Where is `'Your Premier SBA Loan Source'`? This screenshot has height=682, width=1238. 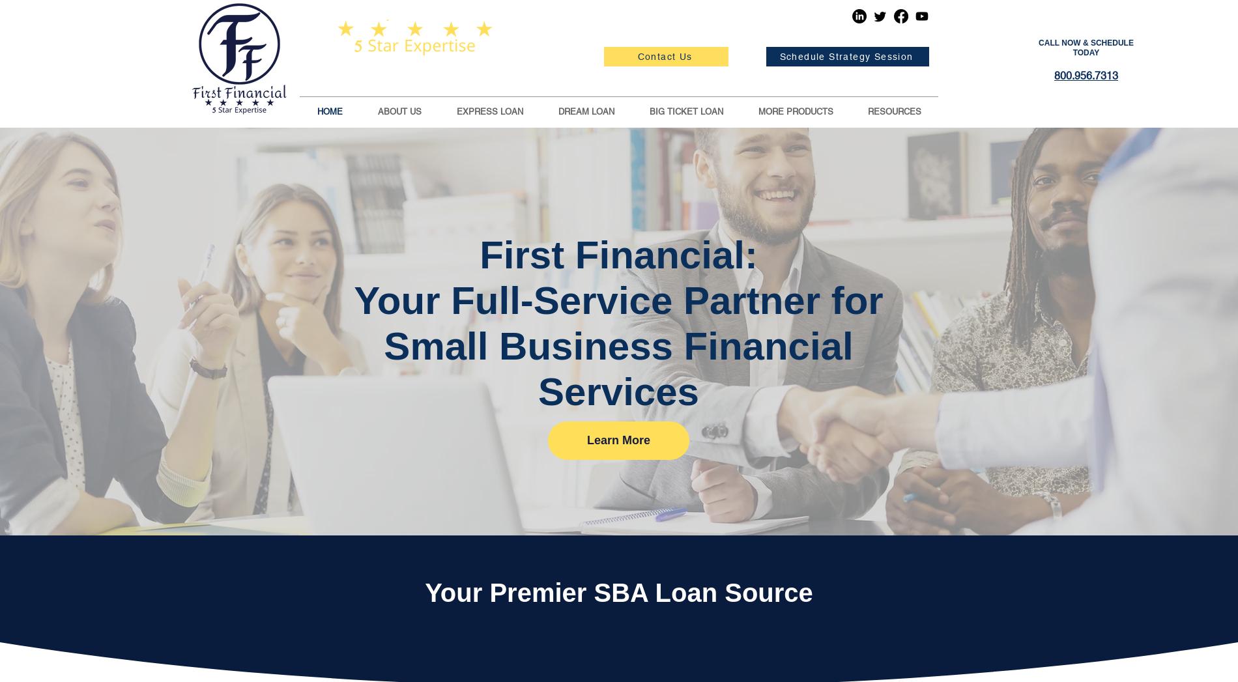
'Your Premier SBA Loan Source' is located at coordinates (425, 592).